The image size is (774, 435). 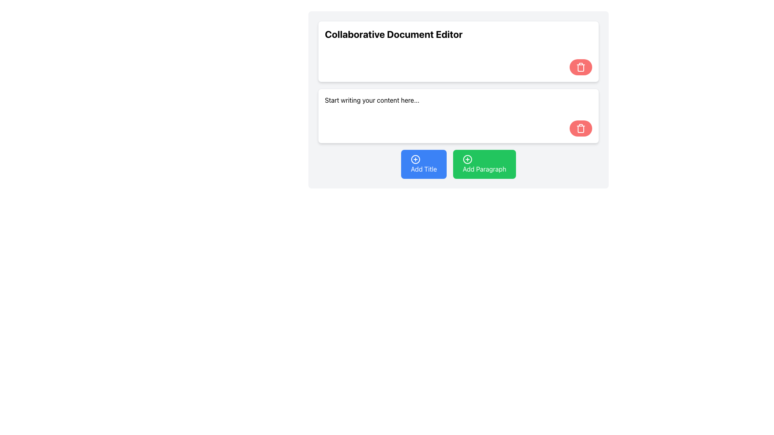 What do you see at coordinates (416, 159) in the screenshot?
I see `the icon on the left side of the blue 'Add Title' button` at bounding box center [416, 159].